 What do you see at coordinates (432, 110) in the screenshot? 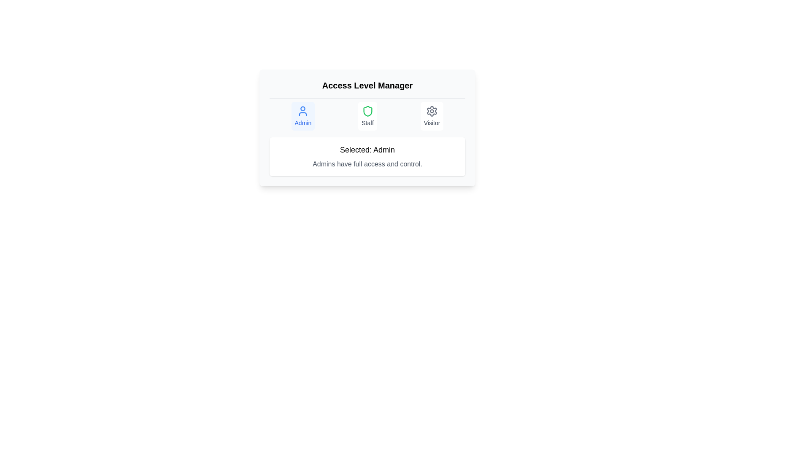
I see `the cogwheel-shaped icon in the bottom-right corner of the 'Visitor' card, which is styled with a gray stroke color and commonly associated with settings` at bounding box center [432, 110].